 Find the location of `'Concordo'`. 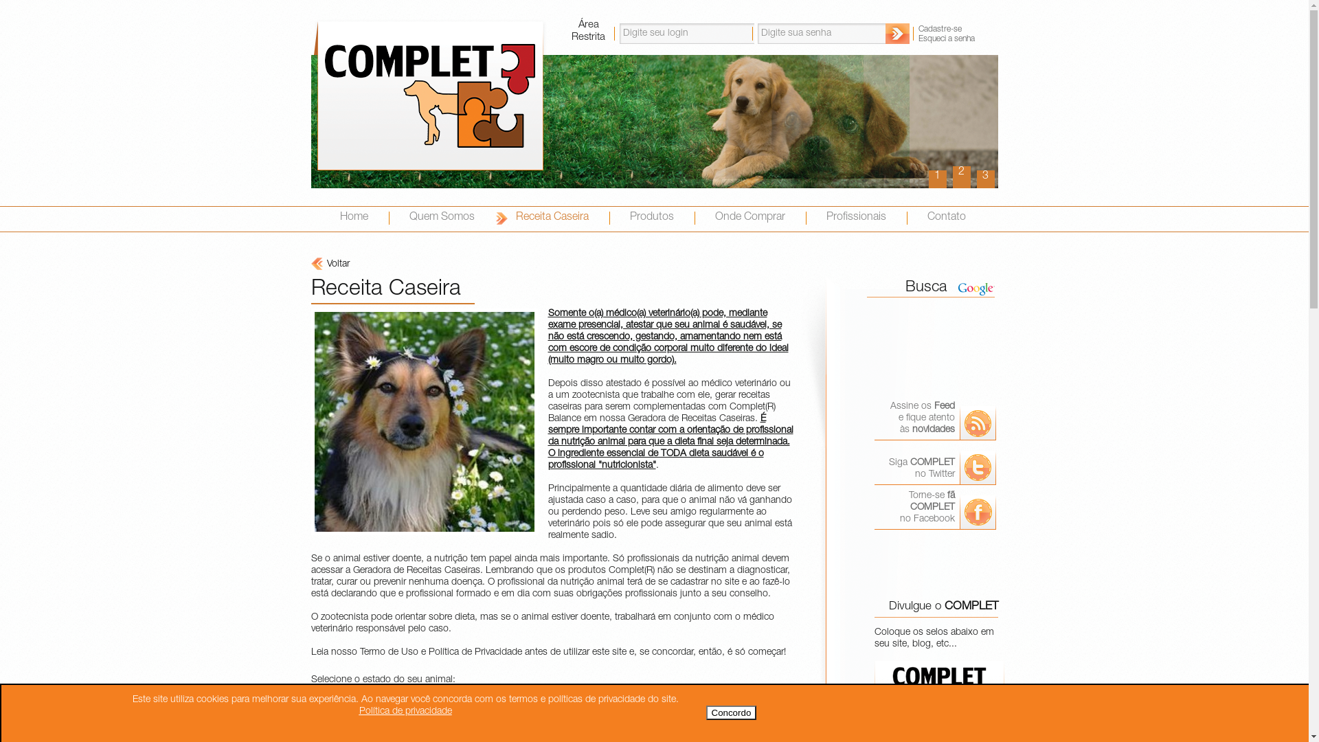

'Concordo' is located at coordinates (706, 712).